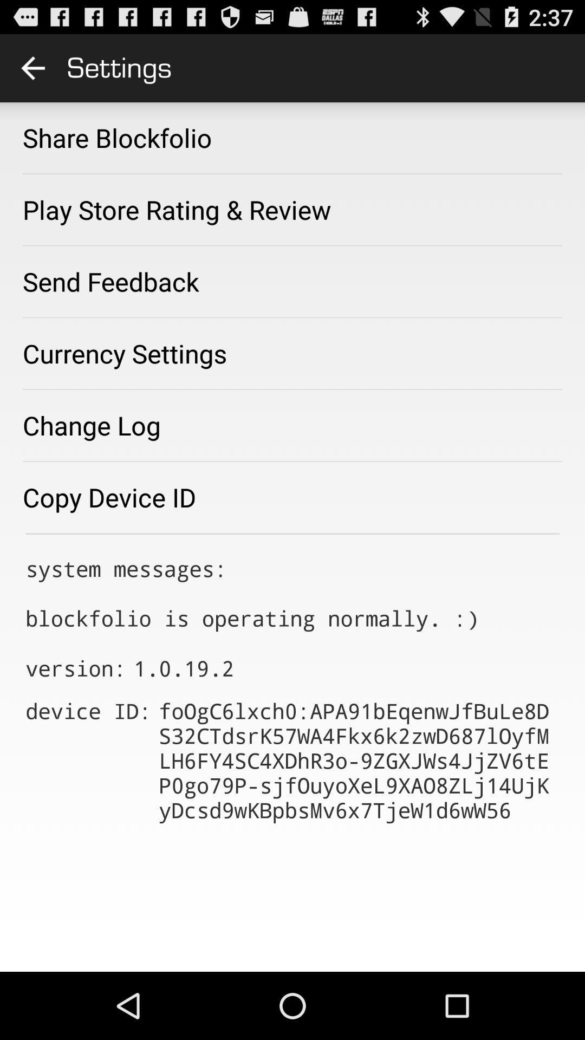 The height and width of the screenshot is (1040, 585). I want to click on the 1 0 19 icon, so click(183, 667).